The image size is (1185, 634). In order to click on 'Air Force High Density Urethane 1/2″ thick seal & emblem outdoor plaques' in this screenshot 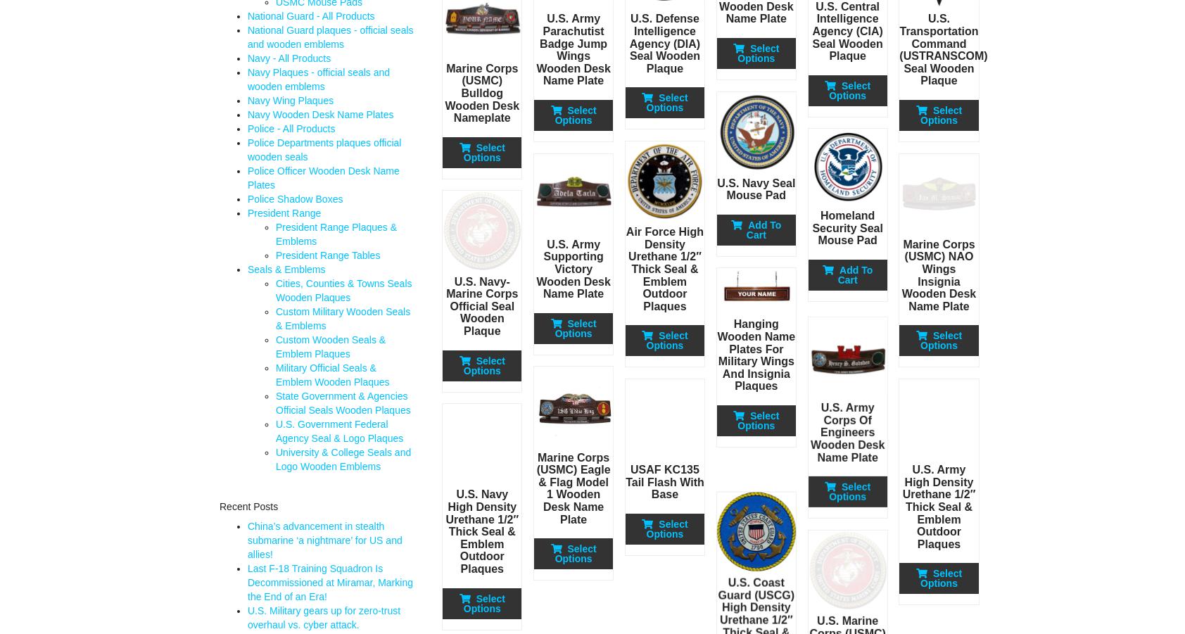, I will do `click(624, 268)`.